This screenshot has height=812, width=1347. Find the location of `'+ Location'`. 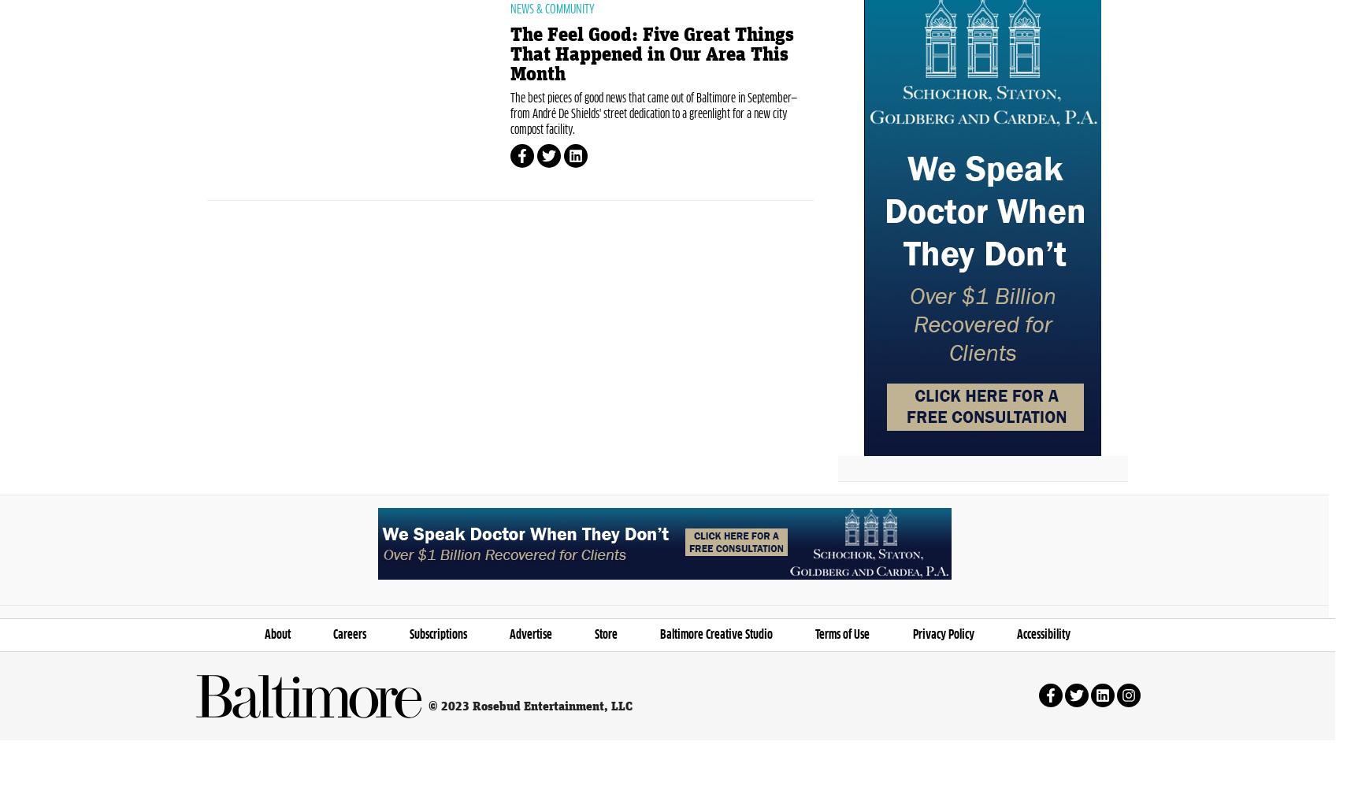

'+ Location' is located at coordinates (981, 8).